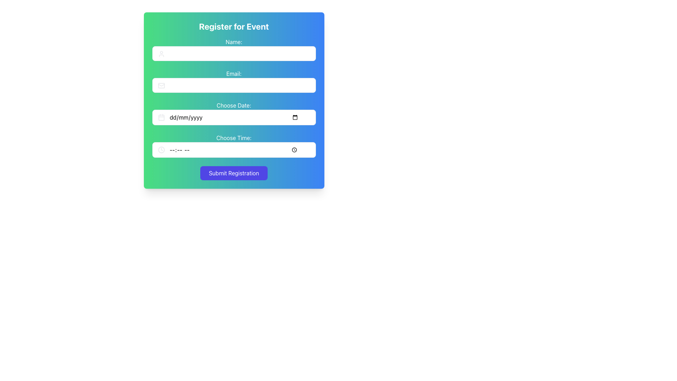  What do you see at coordinates (234, 145) in the screenshot?
I see `the text label that reads 'Choose Time:' which is styled in white and located in the fourth section of the form, just below the 'Choose Date:' section and above the 'Submit Registration' button` at bounding box center [234, 145].